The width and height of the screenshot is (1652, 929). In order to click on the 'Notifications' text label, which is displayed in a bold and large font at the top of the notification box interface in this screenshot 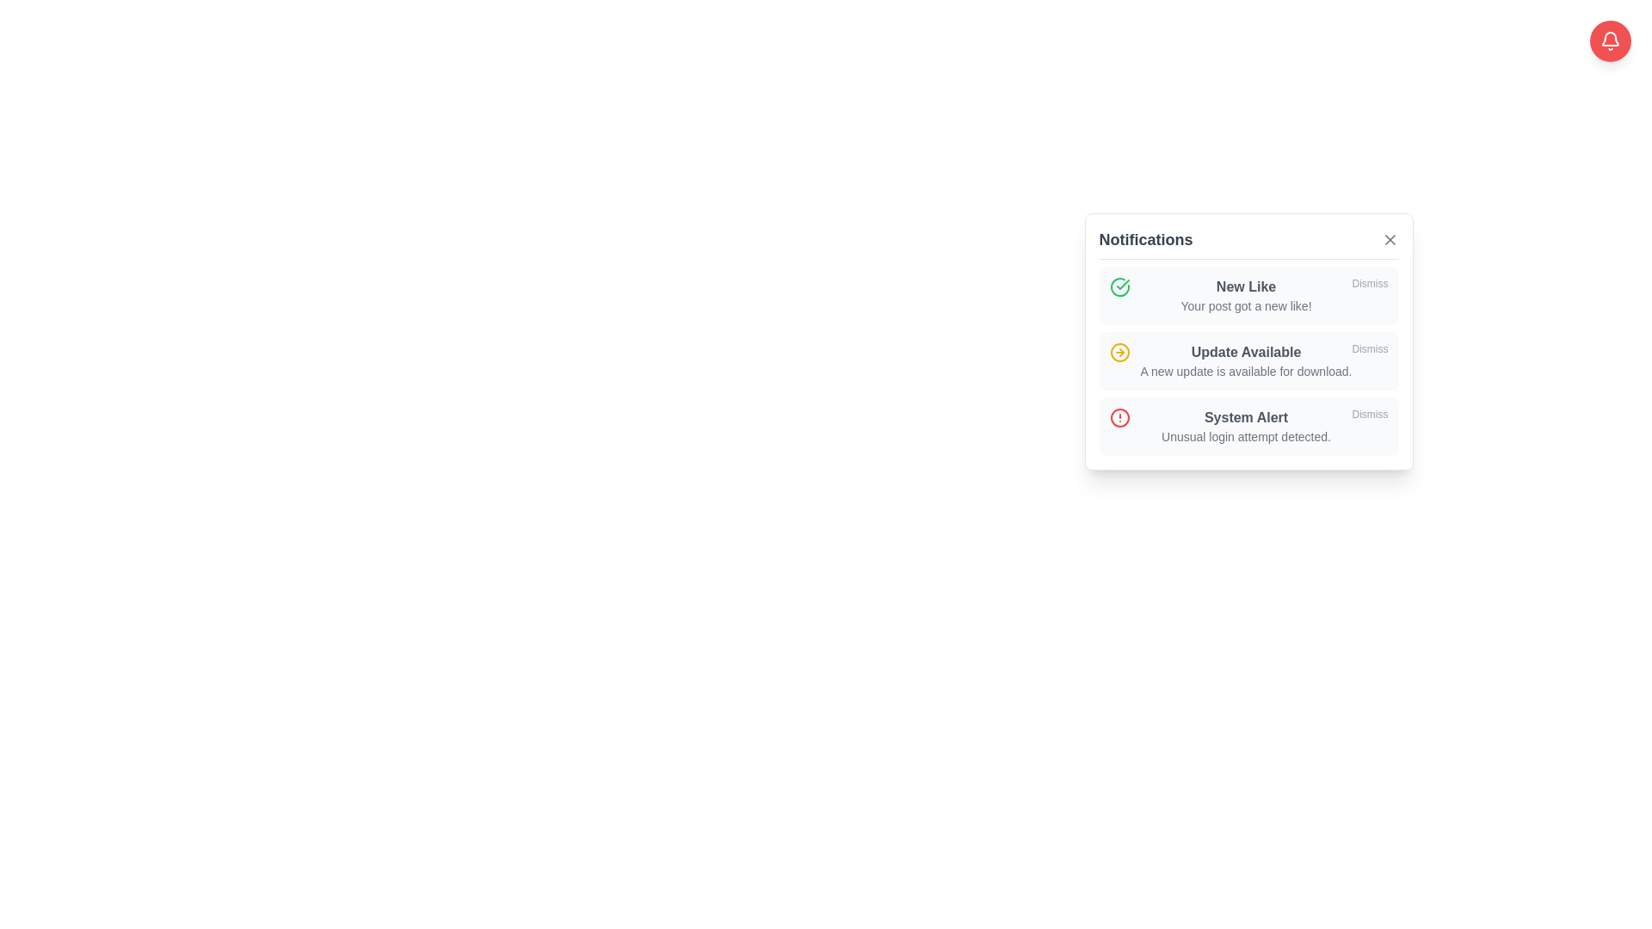, I will do `click(1146, 239)`.